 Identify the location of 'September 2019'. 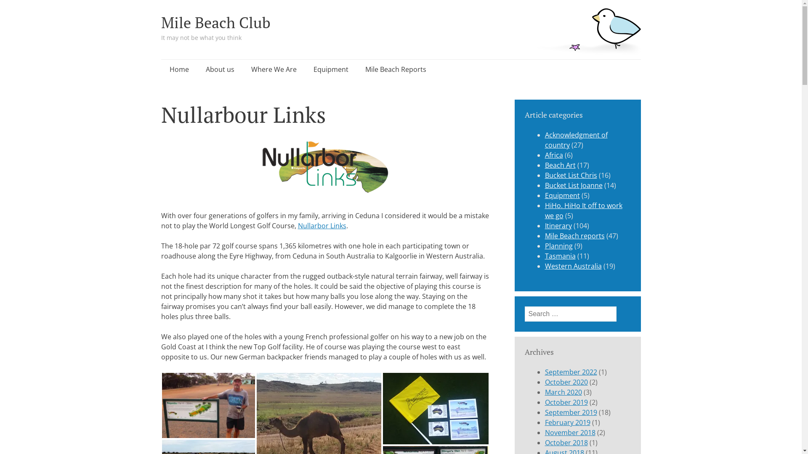
(545, 412).